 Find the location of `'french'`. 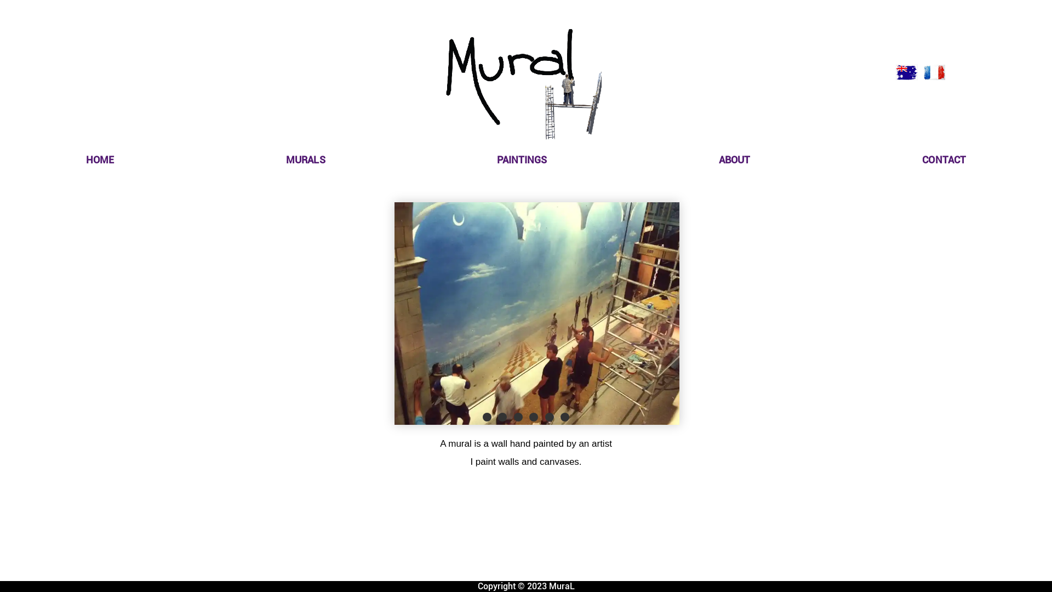

'french' is located at coordinates (933, 72).